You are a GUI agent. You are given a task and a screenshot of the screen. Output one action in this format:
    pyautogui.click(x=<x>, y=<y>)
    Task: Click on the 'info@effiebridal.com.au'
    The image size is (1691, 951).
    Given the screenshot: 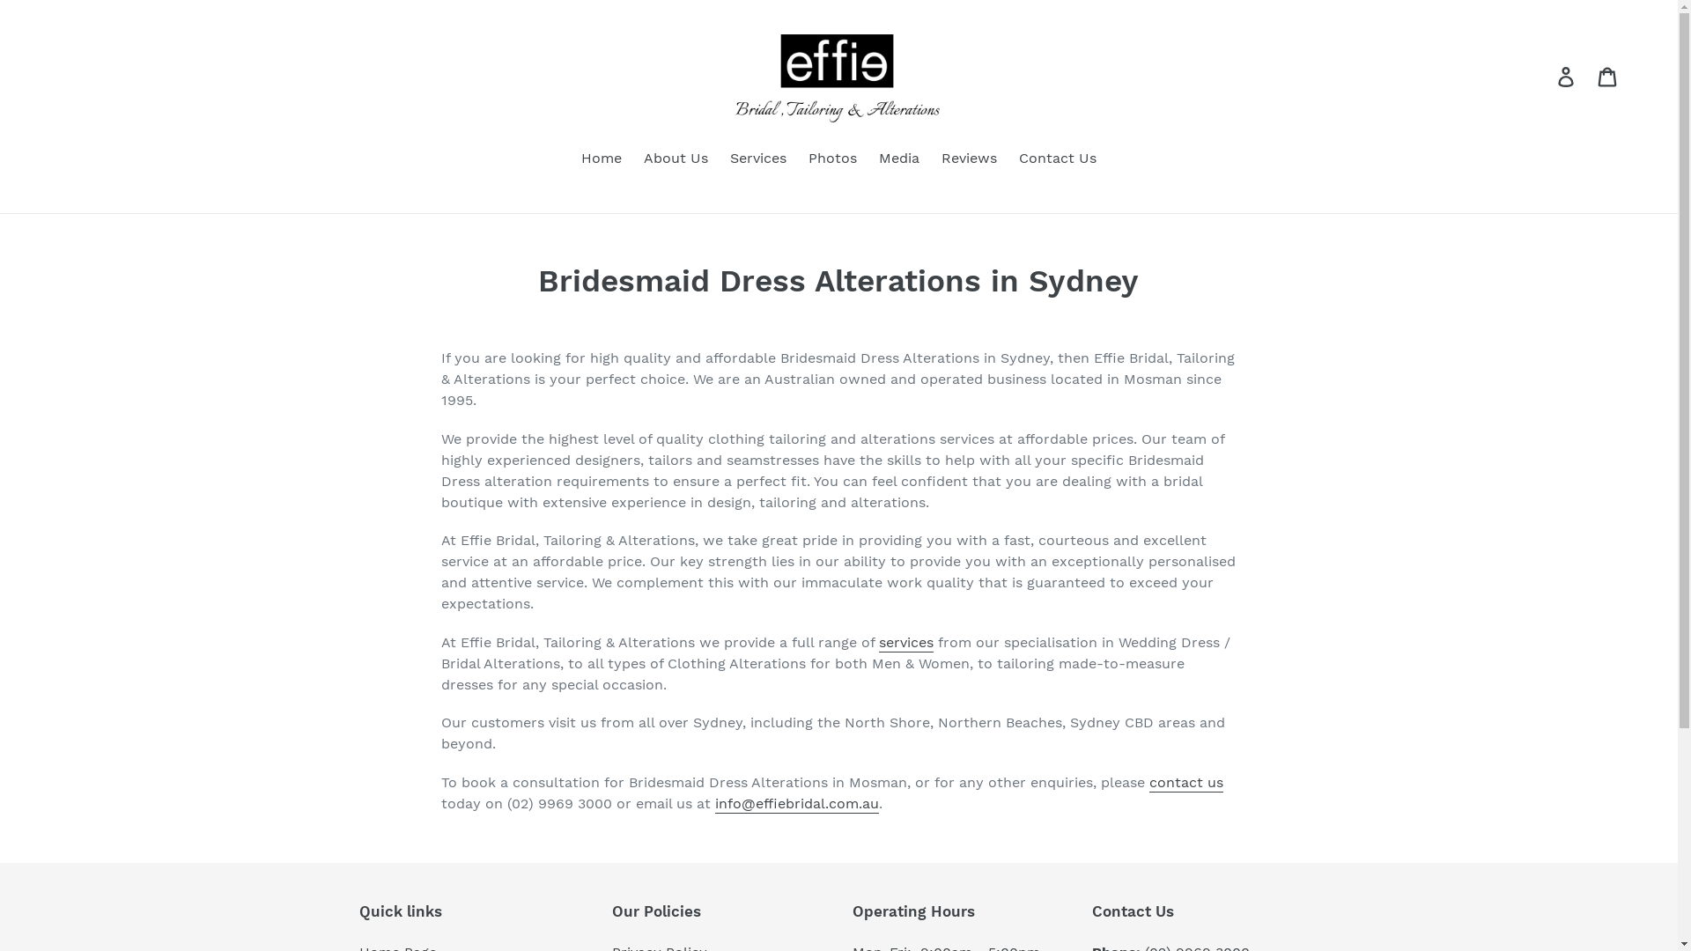 What is the action you would take?
    pyautogui.click(x=796, y=803)
    